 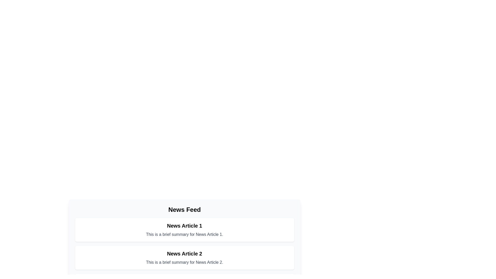 What do you see at coordinates (184, 253) in the screenshot?
I see `the heading text label 'News Article 2' located in the second content block of the news feed section, which is styled with a bold and larger font size` at bounding box center [184, 253].